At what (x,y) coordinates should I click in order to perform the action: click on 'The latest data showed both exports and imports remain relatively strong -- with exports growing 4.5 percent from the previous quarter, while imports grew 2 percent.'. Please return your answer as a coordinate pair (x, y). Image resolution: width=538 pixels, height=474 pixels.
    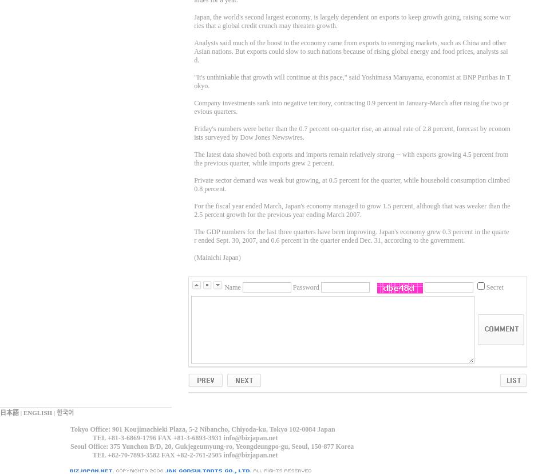
    Looking at the image, I should click on (350, 159).